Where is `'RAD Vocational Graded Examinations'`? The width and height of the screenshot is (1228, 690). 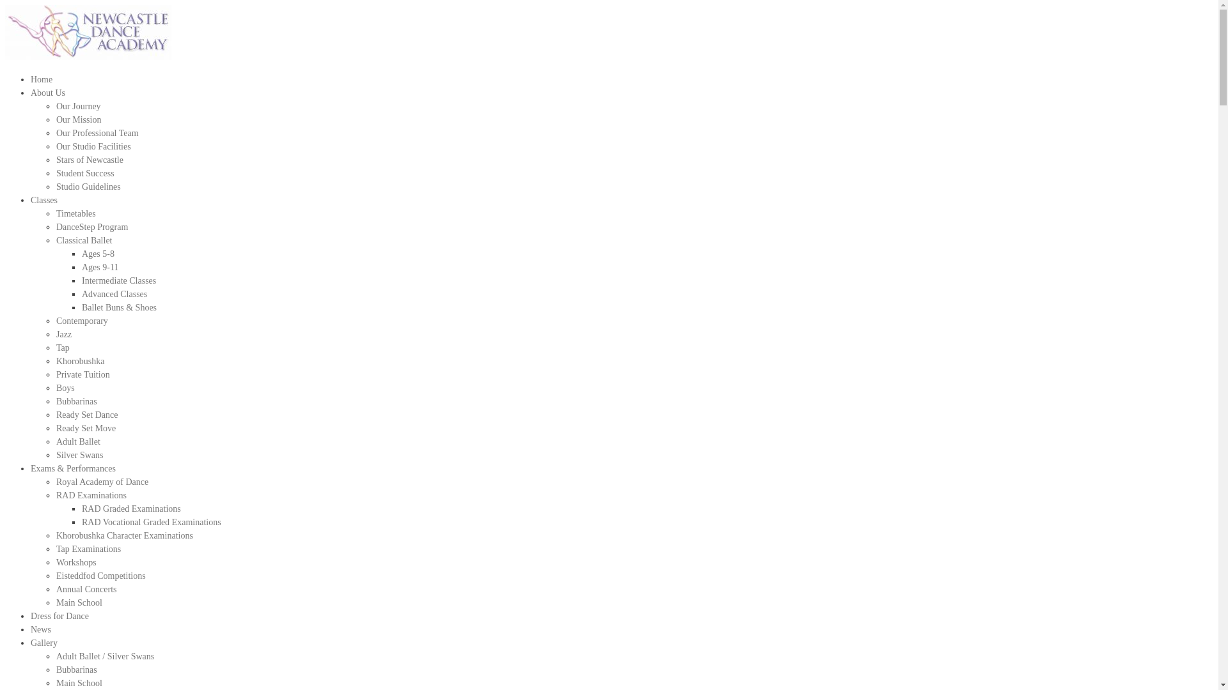 'RAD Vocational Graded Examinations' is located at coordinates (151, 522).